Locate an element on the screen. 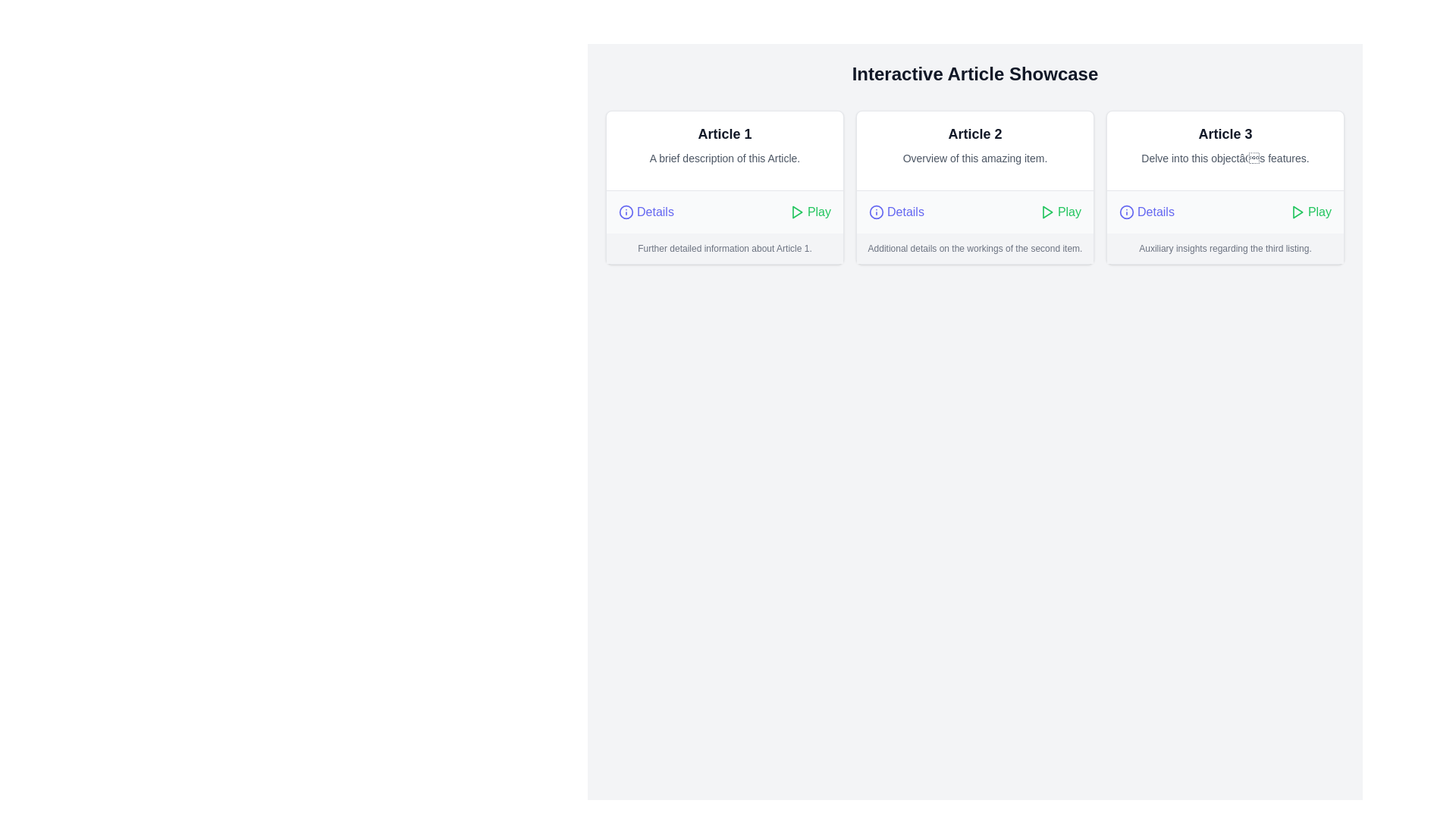 This screenshot has width=1456, height=819. the hyperlink with icon located in the bottom section of the third tile labeled 'Article 3' is located at coordinates (1147, 212).